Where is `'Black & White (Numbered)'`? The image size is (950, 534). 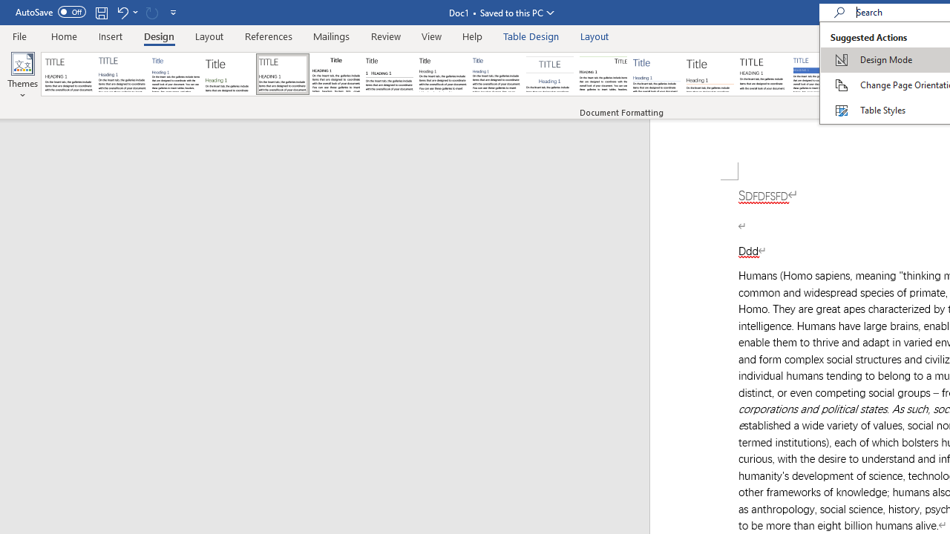
'Black & White (Numbered)' is located at coordinates (389, 74).